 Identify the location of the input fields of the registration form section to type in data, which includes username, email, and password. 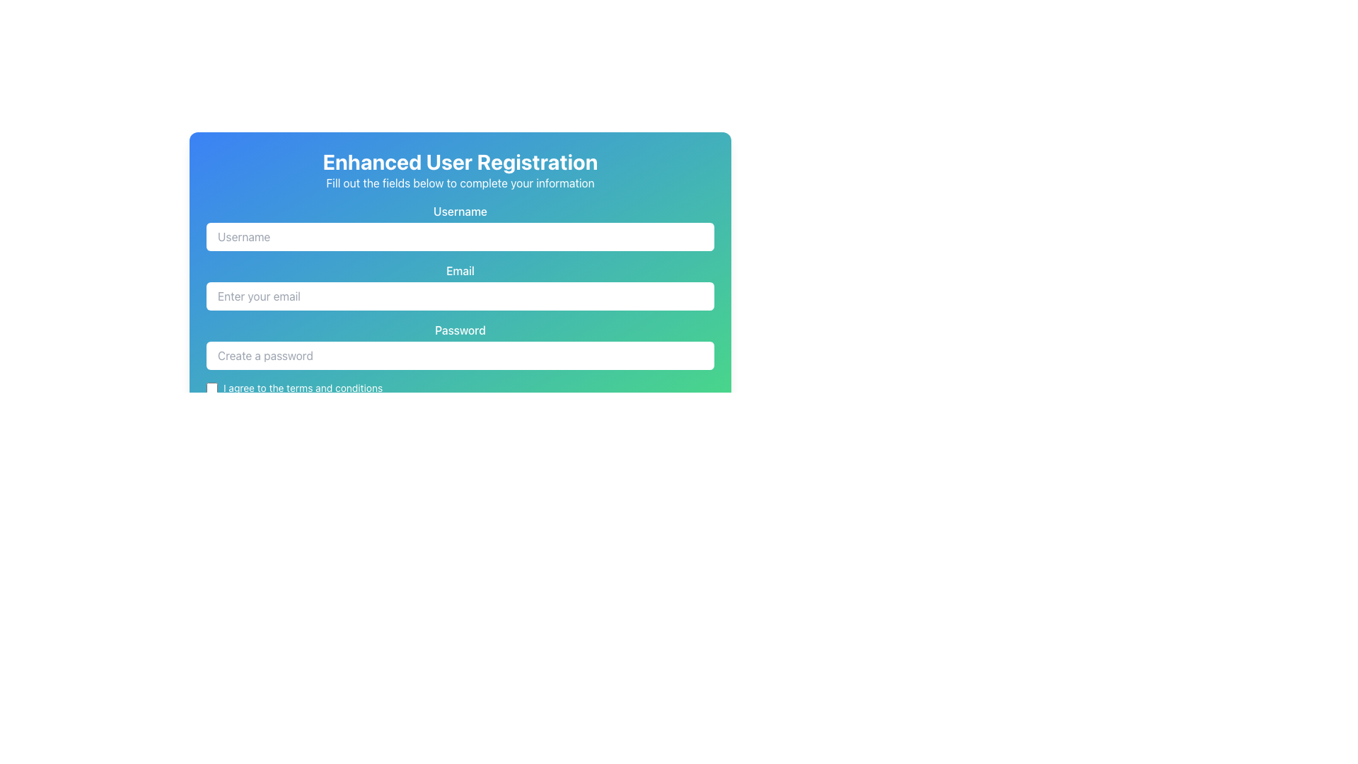
(460, 319).